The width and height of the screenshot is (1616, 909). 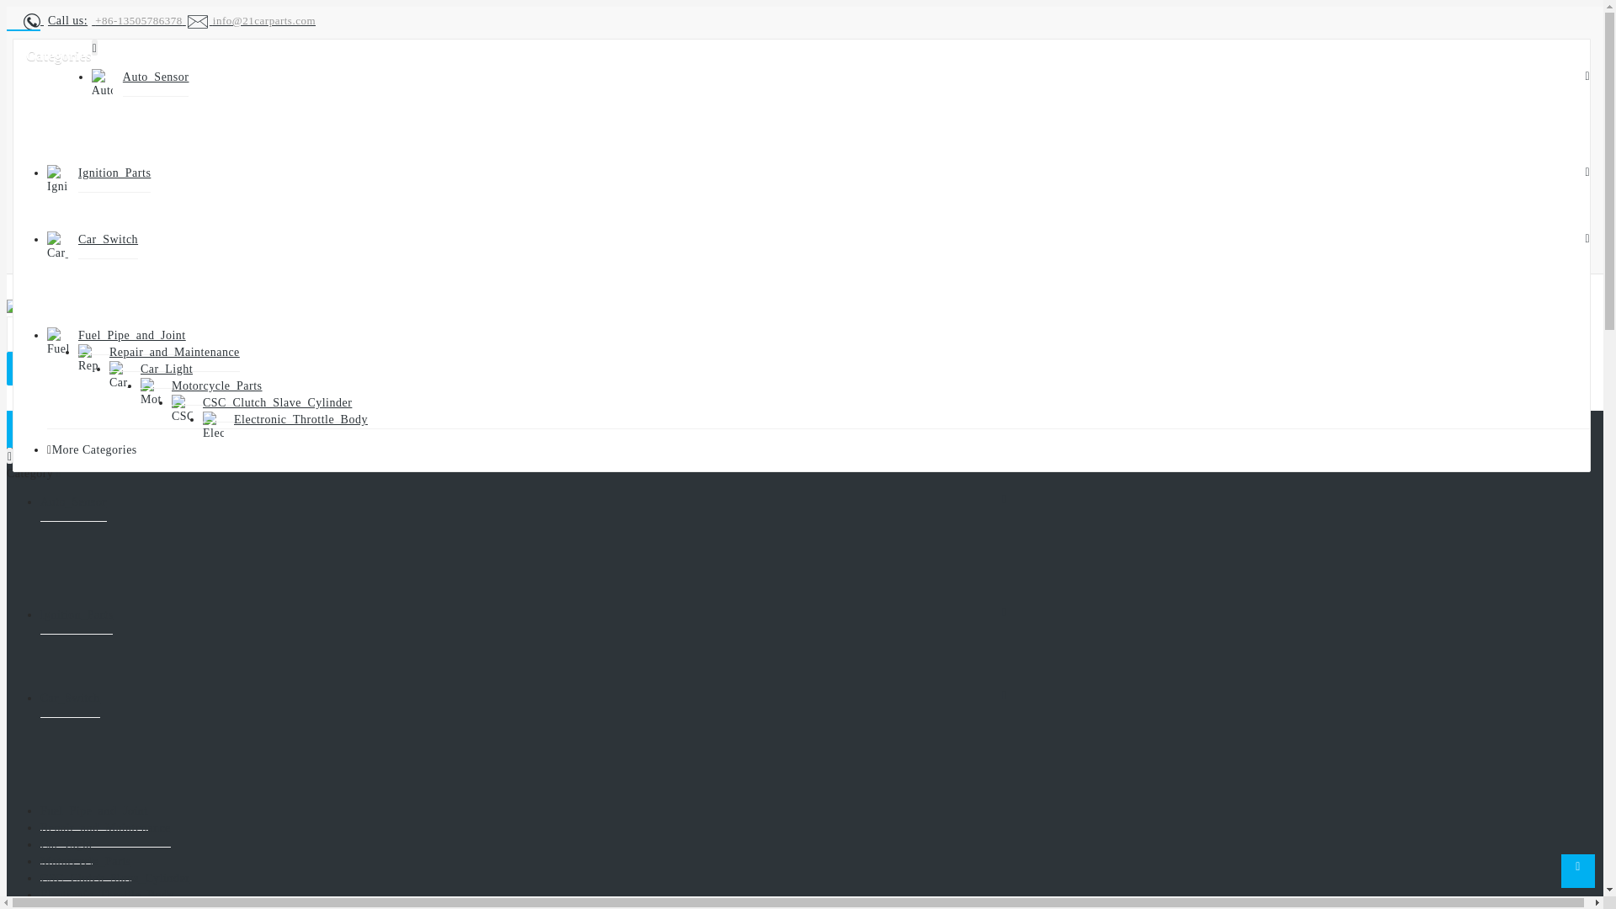 I want to click on 'Register', so click(x=90, y=215).